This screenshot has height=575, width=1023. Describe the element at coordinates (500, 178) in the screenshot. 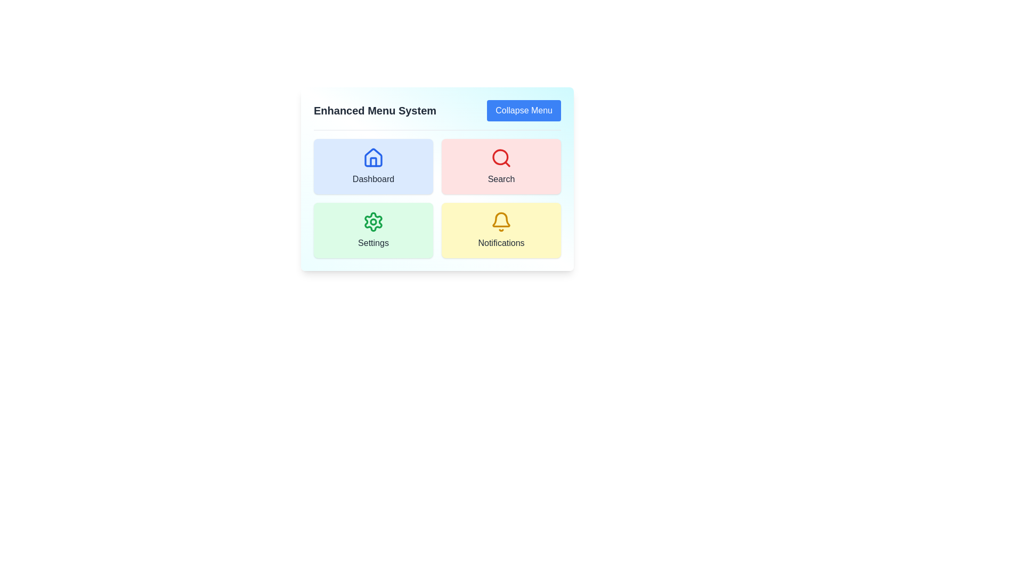

I see `text of the label that describes the purpose of the Search button, which is positioned in the second box of the top row in a grid layout, centered below the magnifying glass icon` at that location.